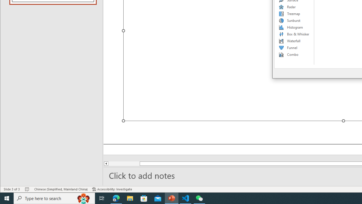 The height and width of the screenshot is (204, 362). Describe the element at coordinates (294, 47) in the screenshot. I see `'Funnel'` at that location.